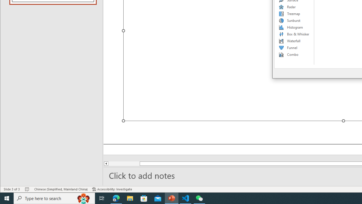 The height and width of the screenshot is (204, 362). Describe the element at coordinates (294, 47) in the screenshot. I see `'Funnel'` at that location.